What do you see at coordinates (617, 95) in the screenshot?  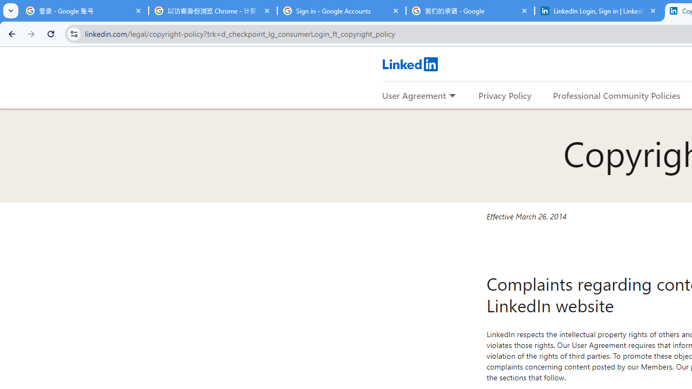 I see `'Professional Community Policies'` at bounding box center [617, 95].